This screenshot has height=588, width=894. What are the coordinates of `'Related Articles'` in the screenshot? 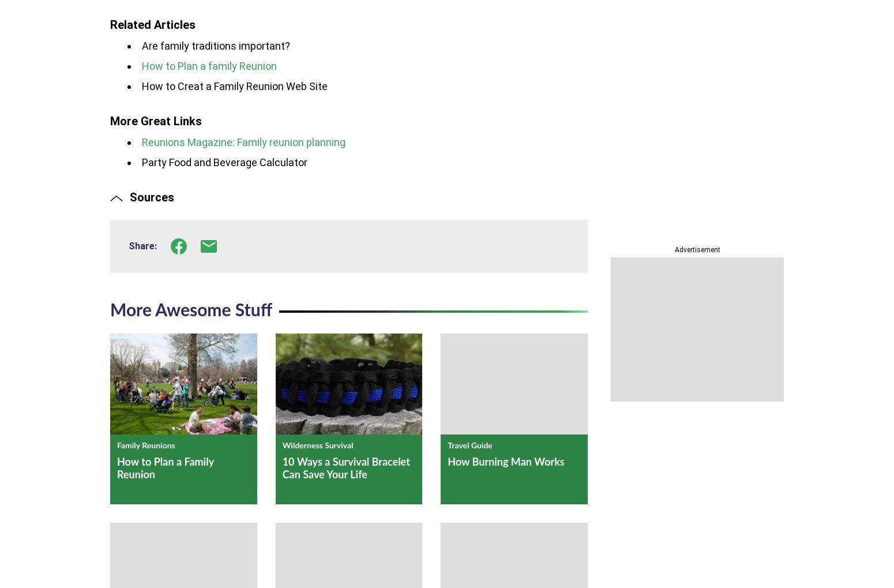 It's located at (153, 24).